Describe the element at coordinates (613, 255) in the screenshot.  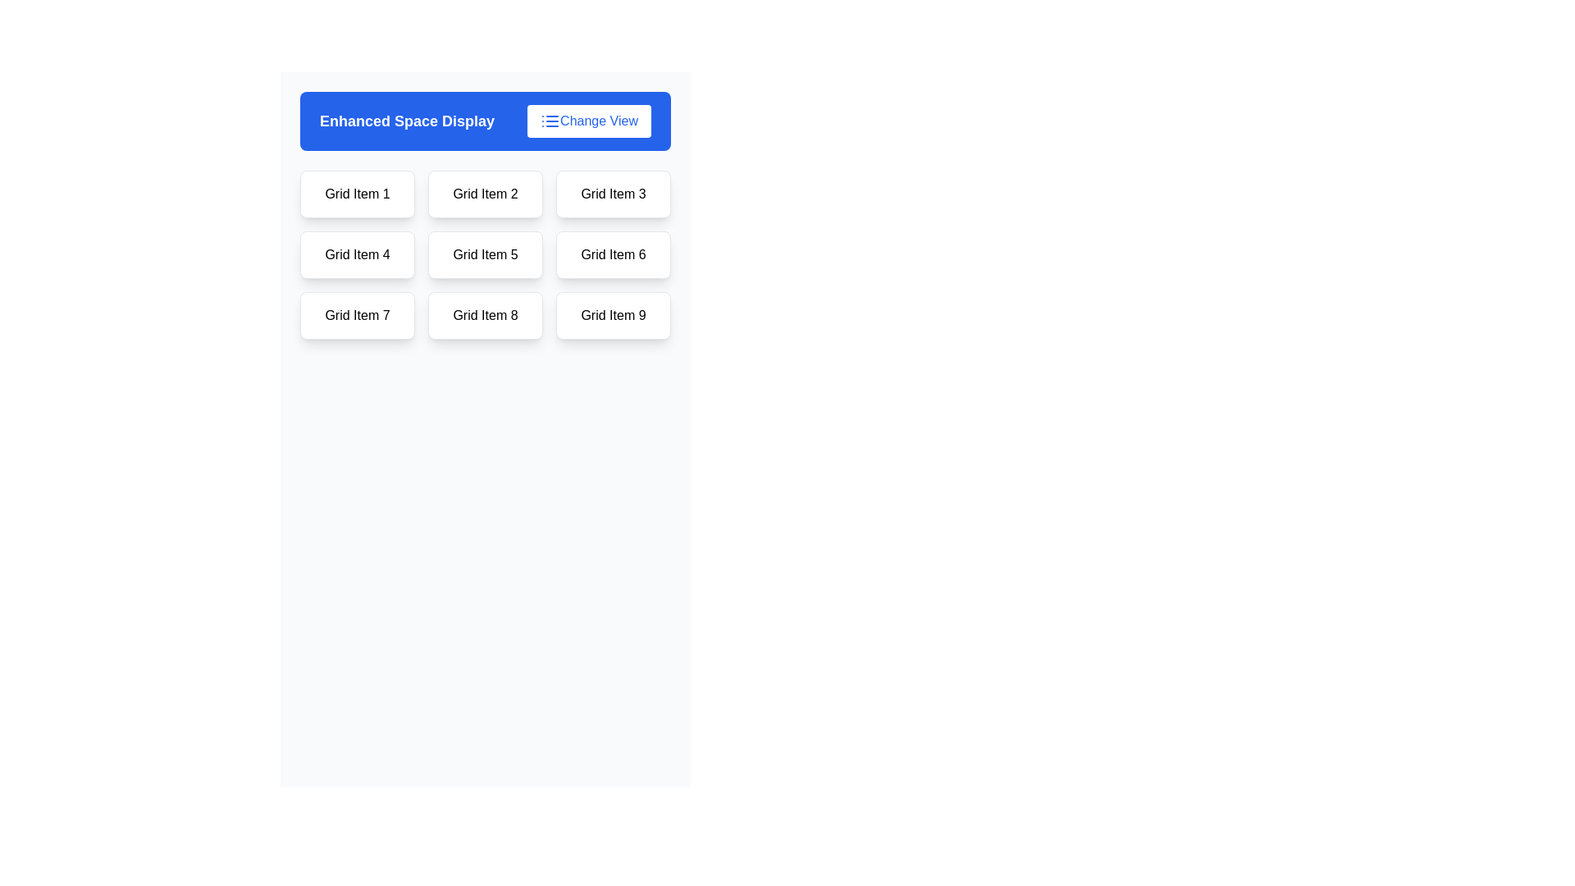
I see `the grid item located in the second row and third column of a 3x3 grid layout` at that location.